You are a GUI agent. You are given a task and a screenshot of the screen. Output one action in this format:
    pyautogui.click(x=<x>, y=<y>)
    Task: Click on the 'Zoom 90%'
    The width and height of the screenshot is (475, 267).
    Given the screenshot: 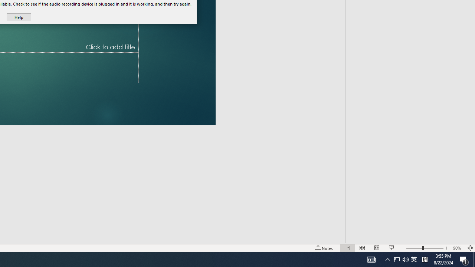 What is the action you would take?
    pyautogui.click(x=458, y=248)
    